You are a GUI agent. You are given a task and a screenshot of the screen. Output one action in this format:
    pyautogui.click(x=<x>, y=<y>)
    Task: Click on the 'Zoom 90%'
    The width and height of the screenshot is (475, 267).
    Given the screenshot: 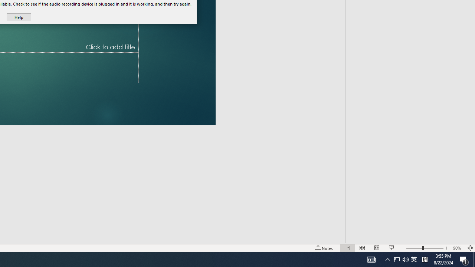 What is the action you would take?
    pyautogui.click(x=458, y=248)
    